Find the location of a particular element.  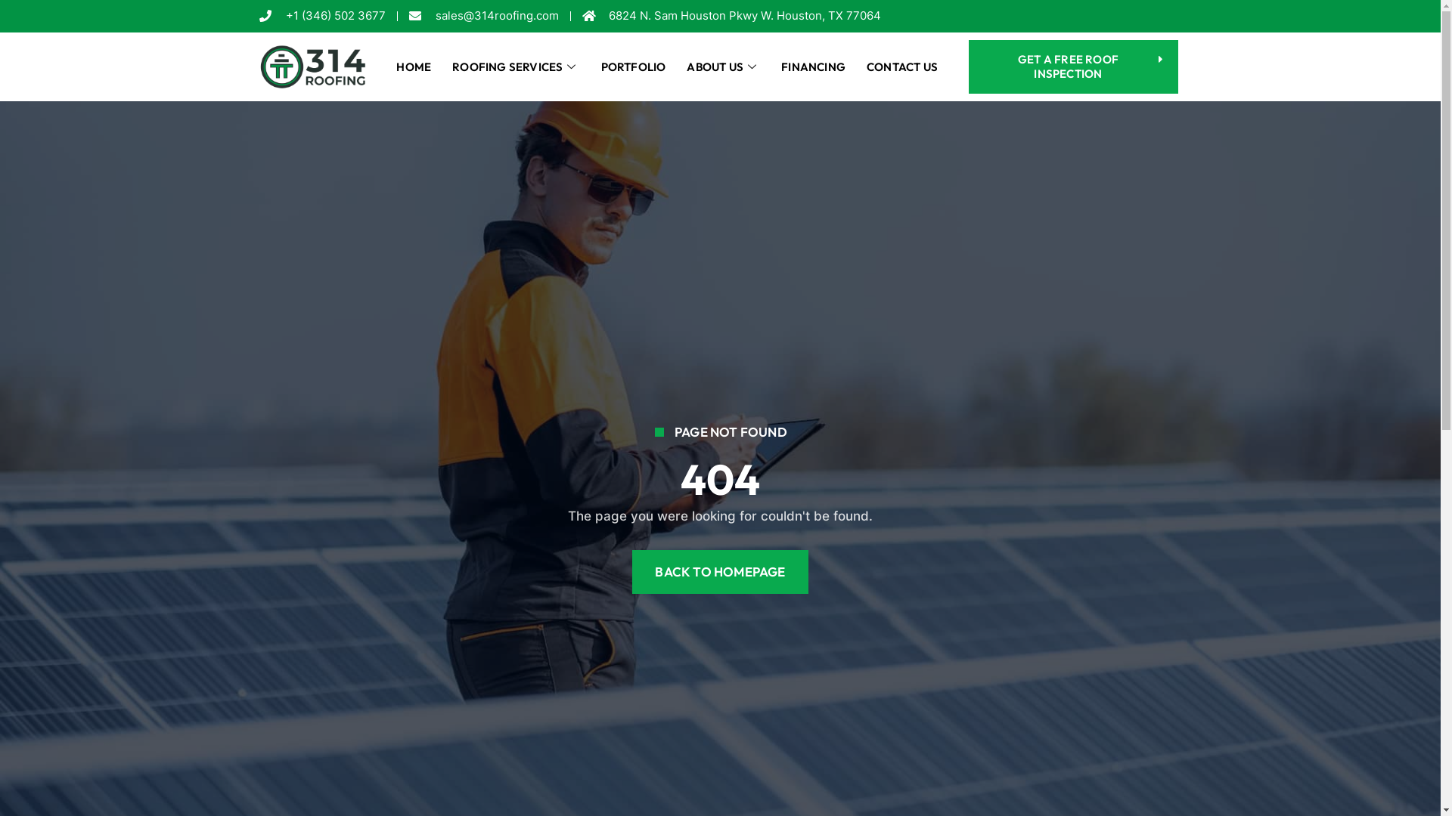

'ABOUT US' is located at coordinates (722, 66).